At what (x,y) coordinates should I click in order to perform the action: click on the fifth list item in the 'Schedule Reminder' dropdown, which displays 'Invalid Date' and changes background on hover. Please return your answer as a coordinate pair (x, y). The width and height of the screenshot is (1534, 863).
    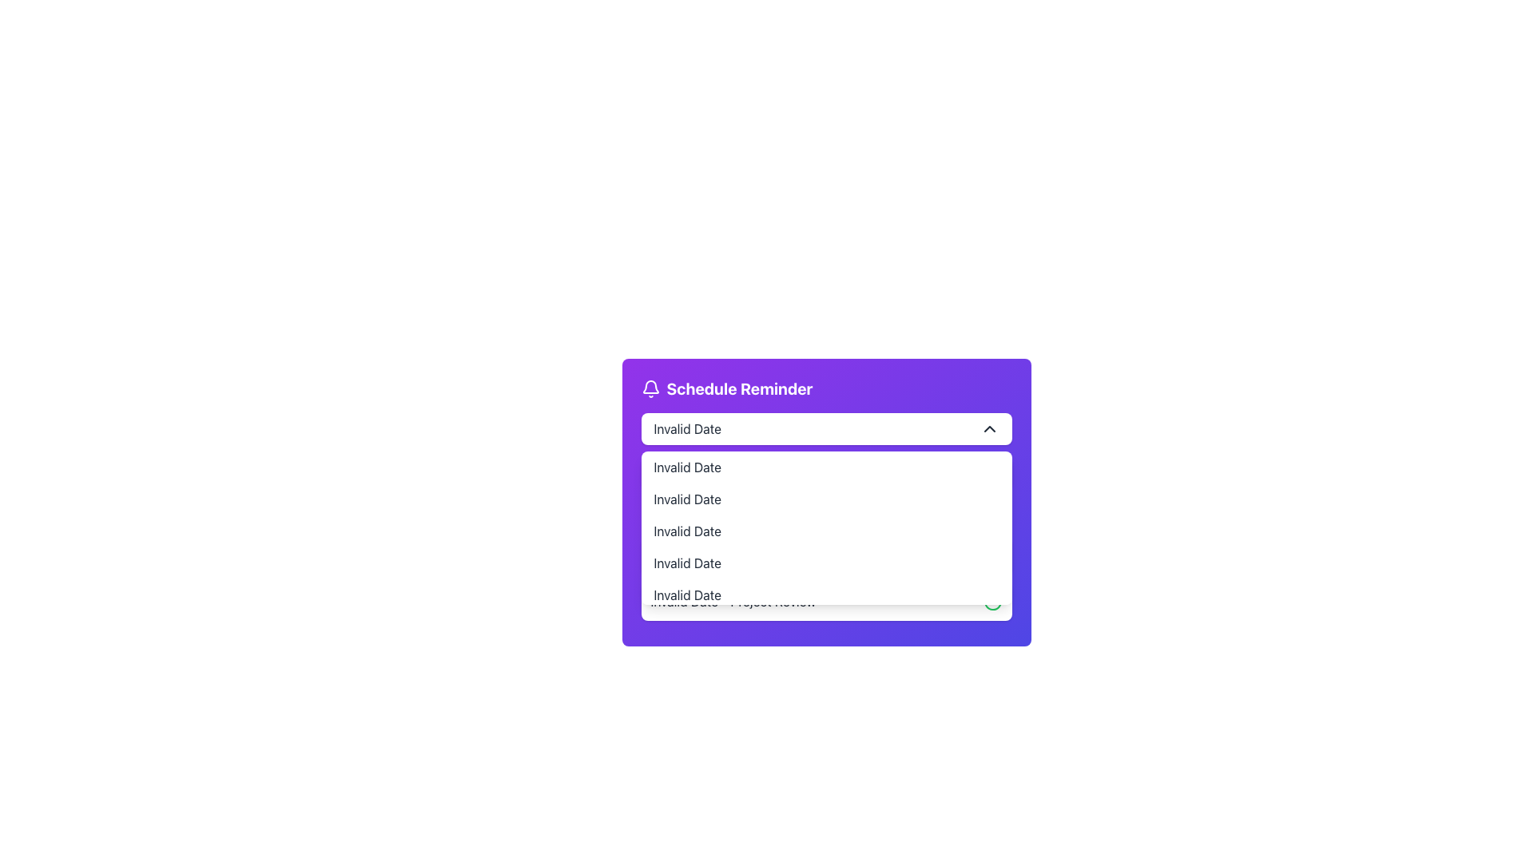
    Looking at the image, I should click on (826, 595).